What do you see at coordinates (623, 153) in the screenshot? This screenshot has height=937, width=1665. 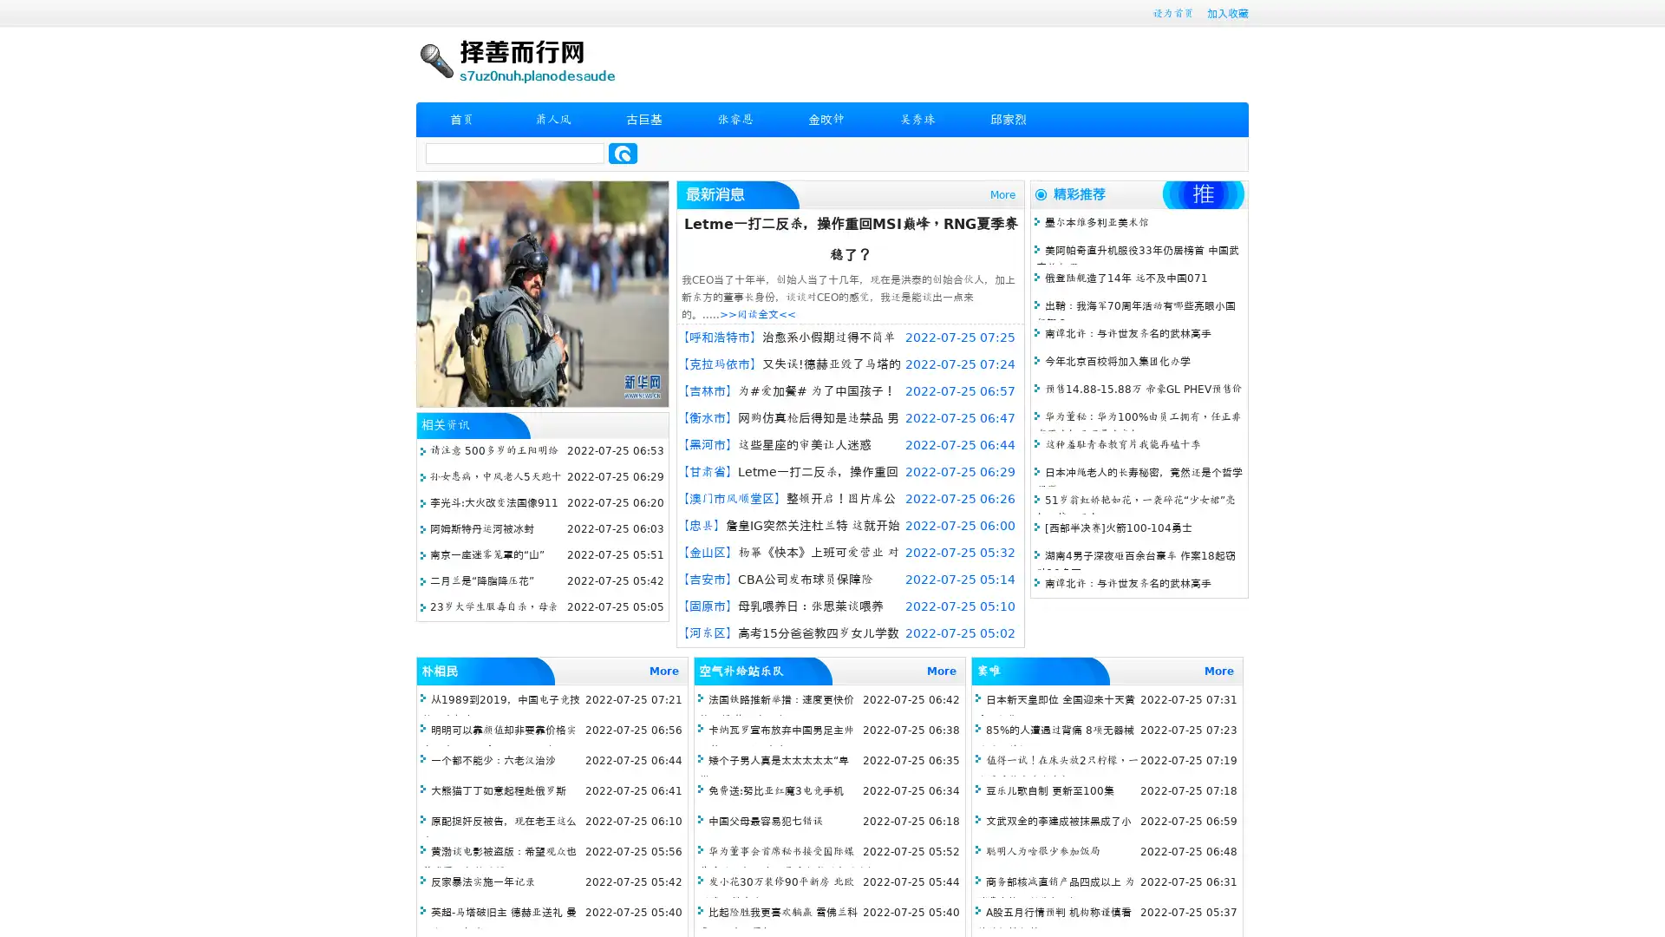 I see `Search` at bounding box center [623, 153].